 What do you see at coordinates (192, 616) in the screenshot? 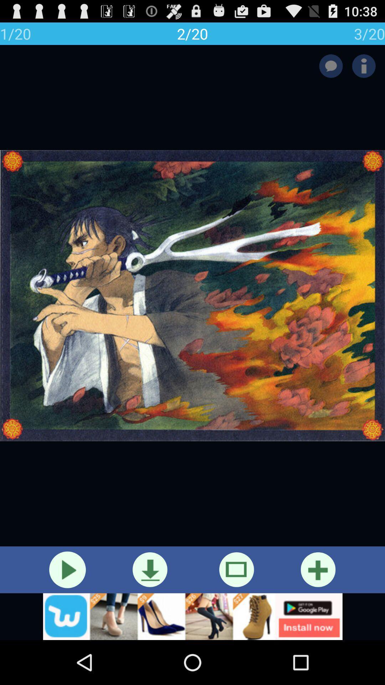
I see `googleplay icon` at bounding box center [192, 616].